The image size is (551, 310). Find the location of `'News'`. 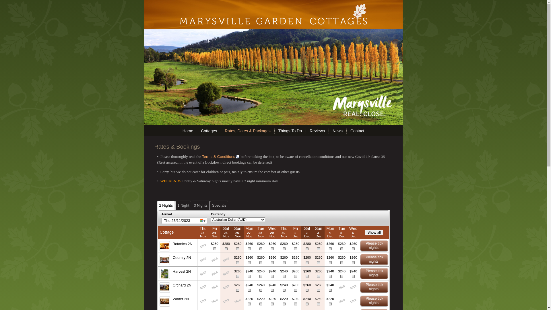

'News' is located at coordinates (337, 131).